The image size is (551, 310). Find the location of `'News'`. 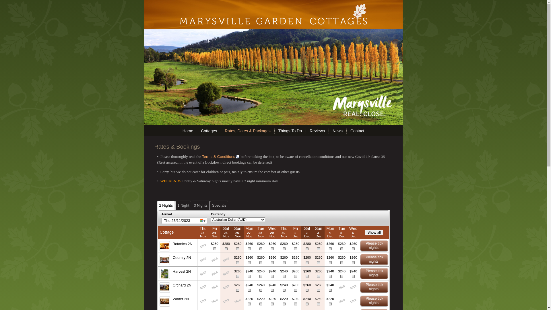

'News' is located at coordinates (337, 131).